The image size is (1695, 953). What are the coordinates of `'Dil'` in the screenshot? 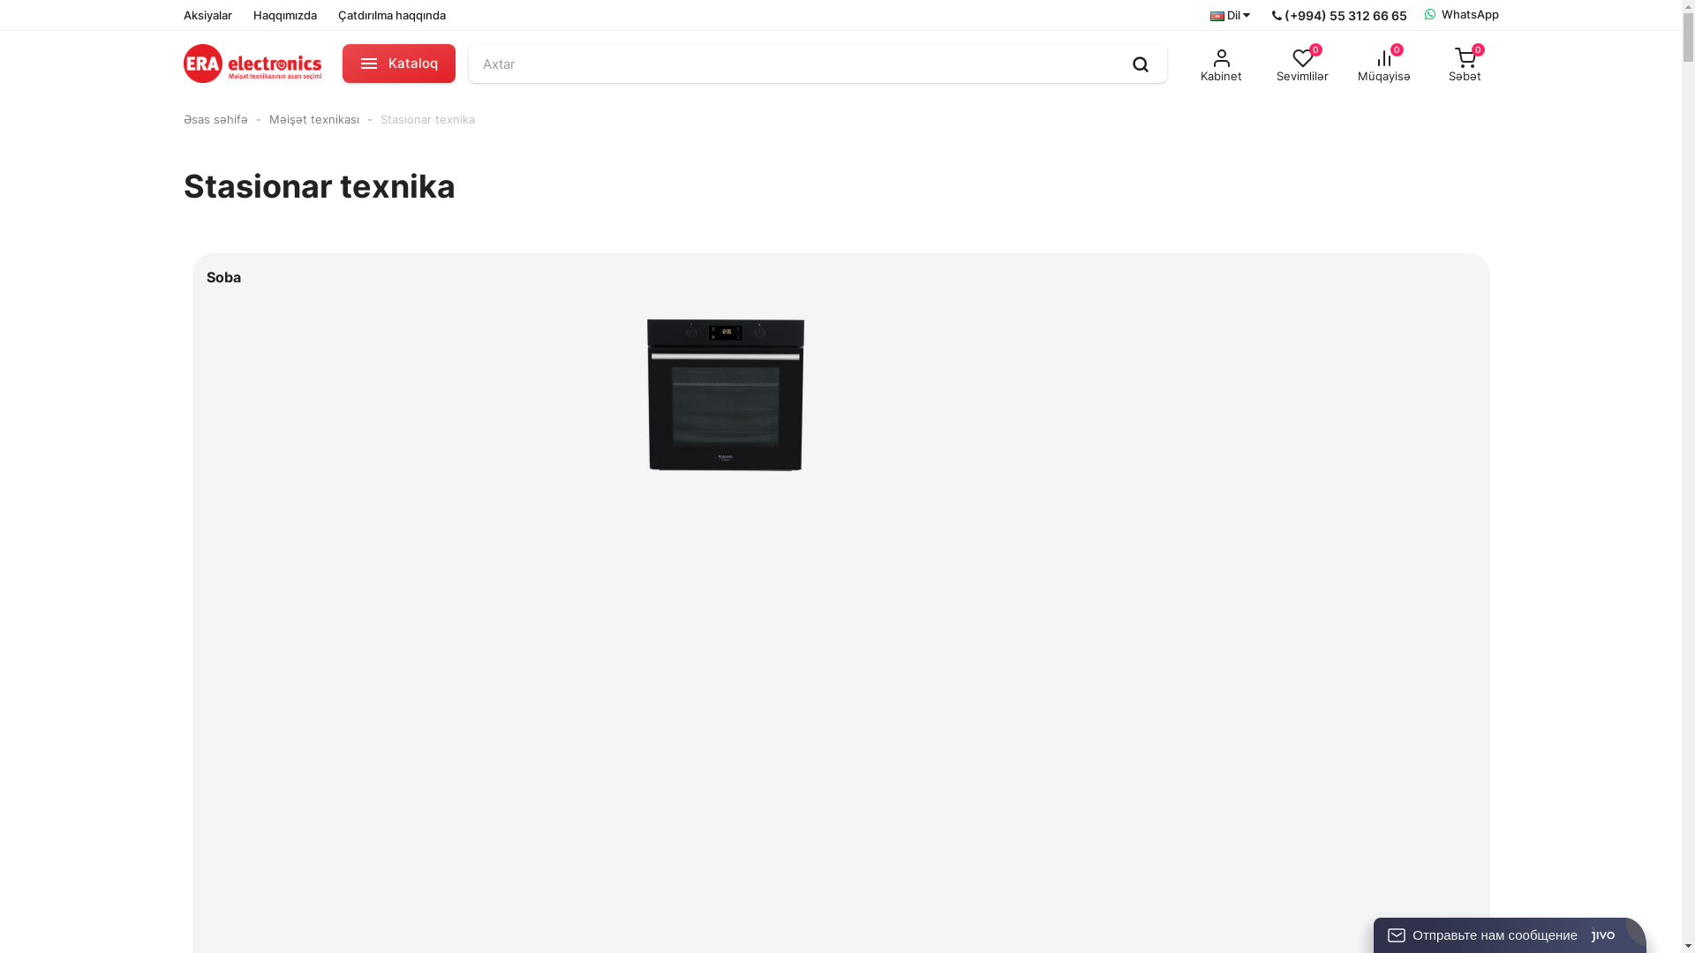 It's located at (1208, 16).